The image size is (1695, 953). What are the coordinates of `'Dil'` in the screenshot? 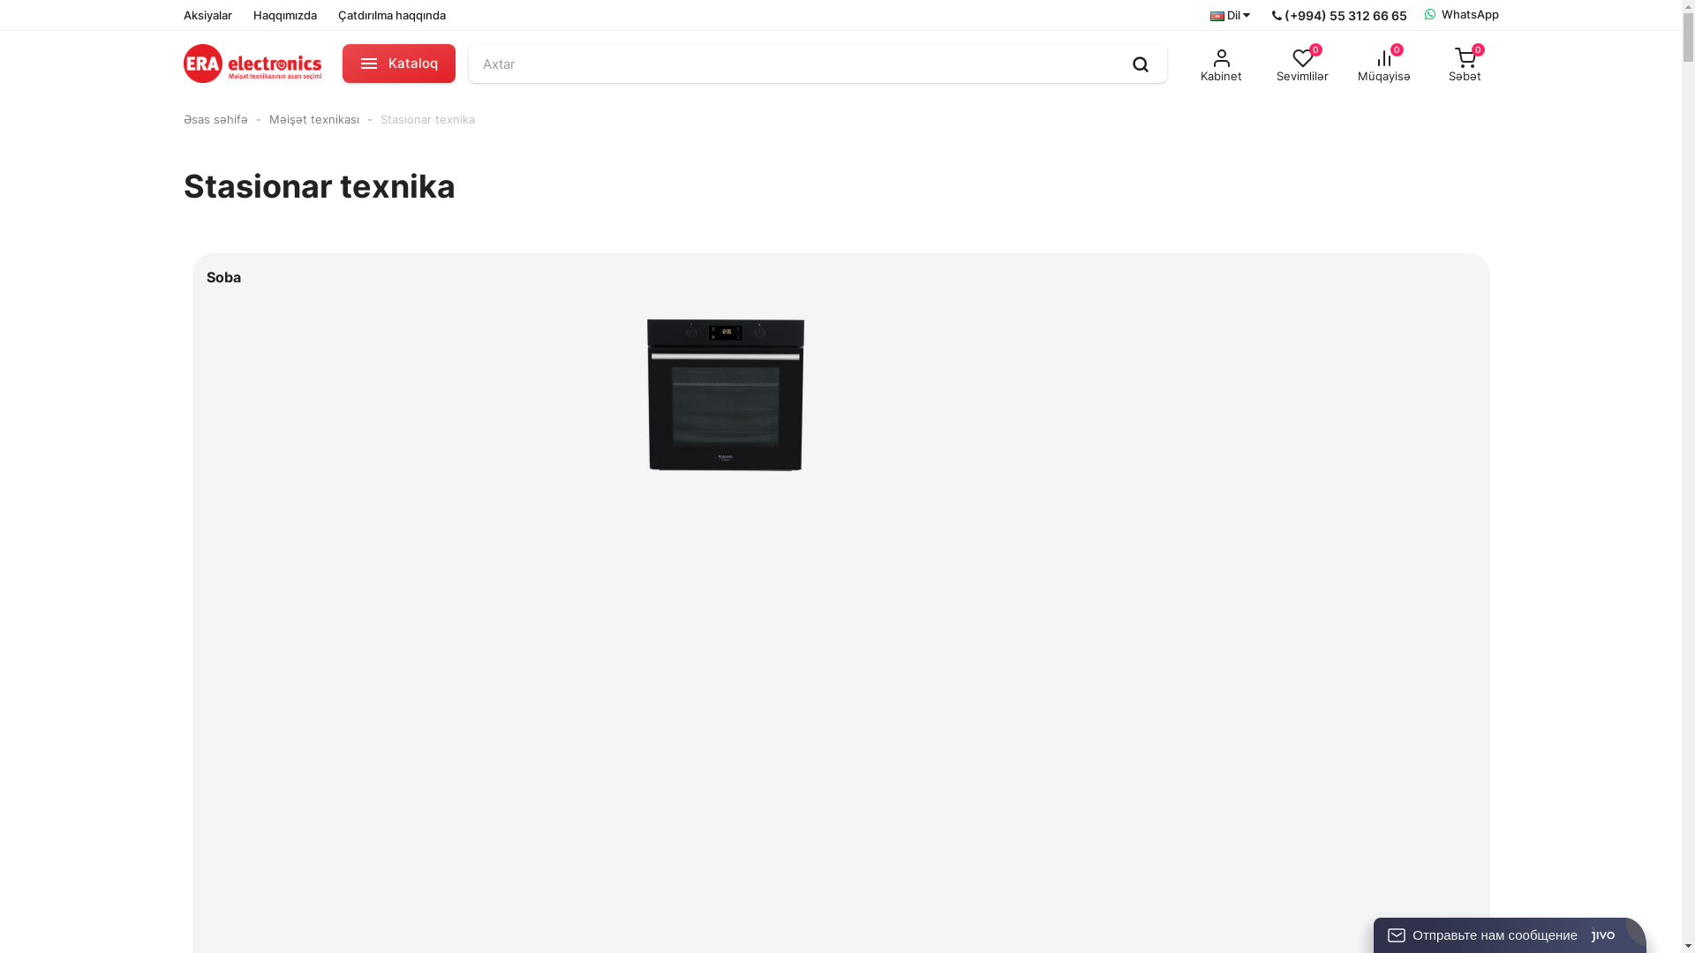 It's located at (1208, 16).